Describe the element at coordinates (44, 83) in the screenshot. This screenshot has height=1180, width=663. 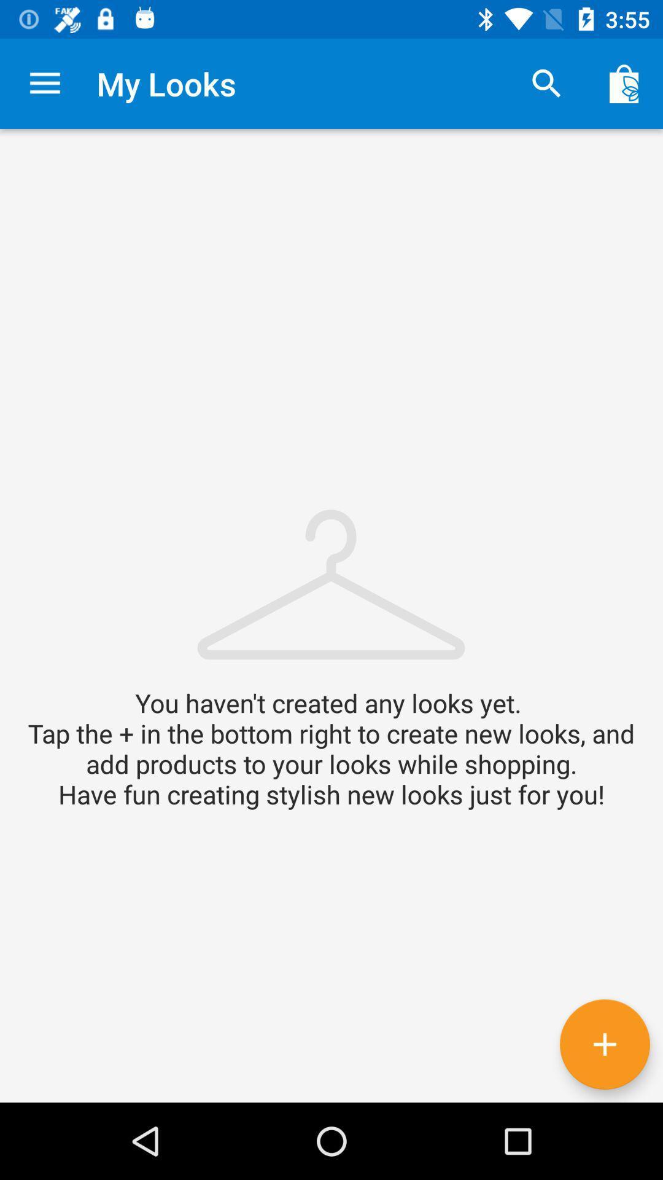
I see `item next to the my looks item` at that location.